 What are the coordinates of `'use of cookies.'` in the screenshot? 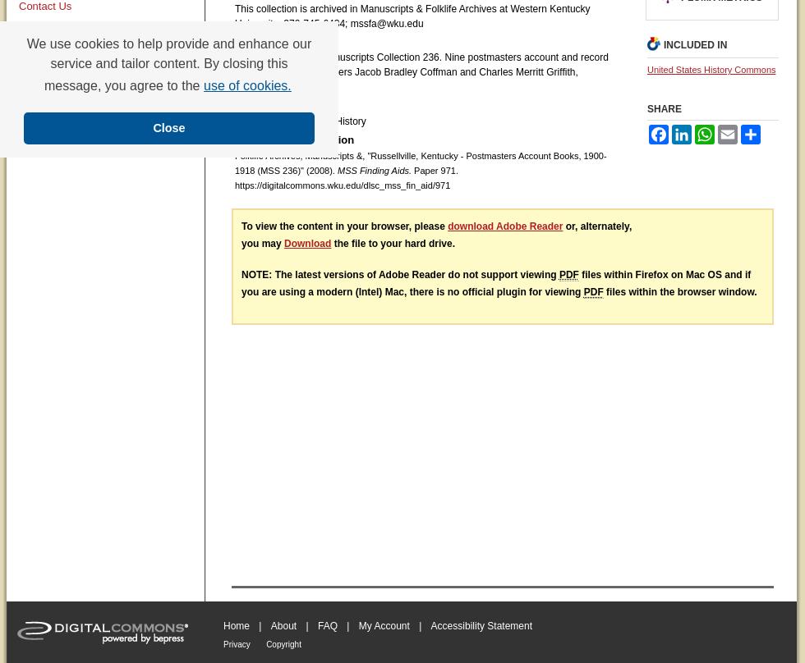 It's located at (246, 85).